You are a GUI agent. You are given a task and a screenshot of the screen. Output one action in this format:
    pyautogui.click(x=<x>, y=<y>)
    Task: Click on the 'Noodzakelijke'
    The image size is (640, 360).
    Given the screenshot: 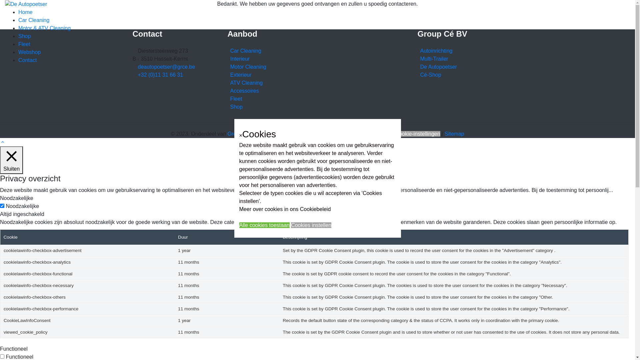 What is the action you would take?
    pyautogui.click(x=16, y=198)
    